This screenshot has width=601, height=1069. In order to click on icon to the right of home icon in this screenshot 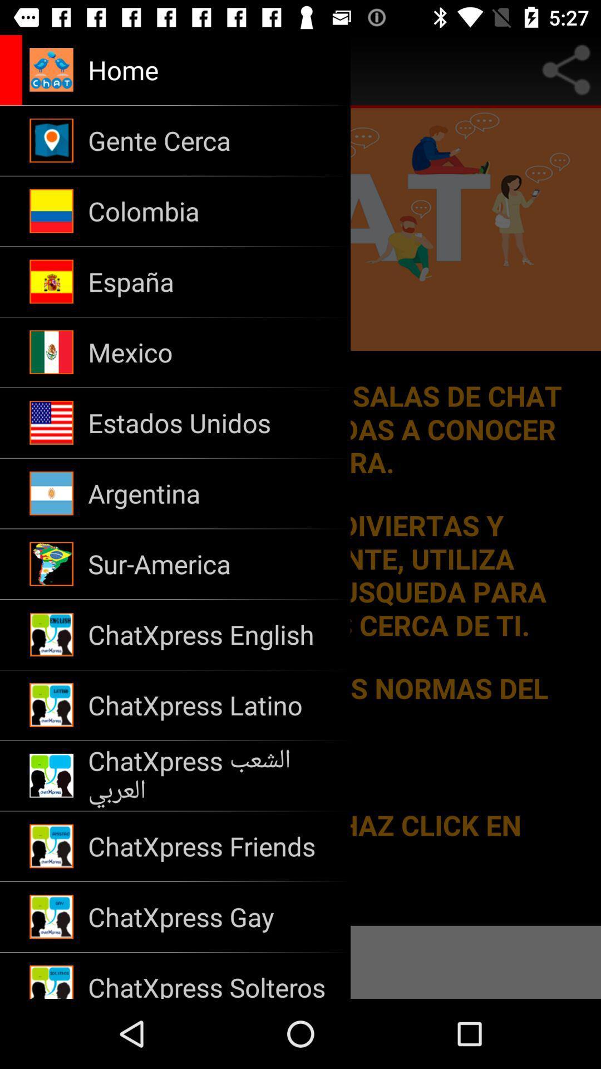, I will do `click(566, 69)`.